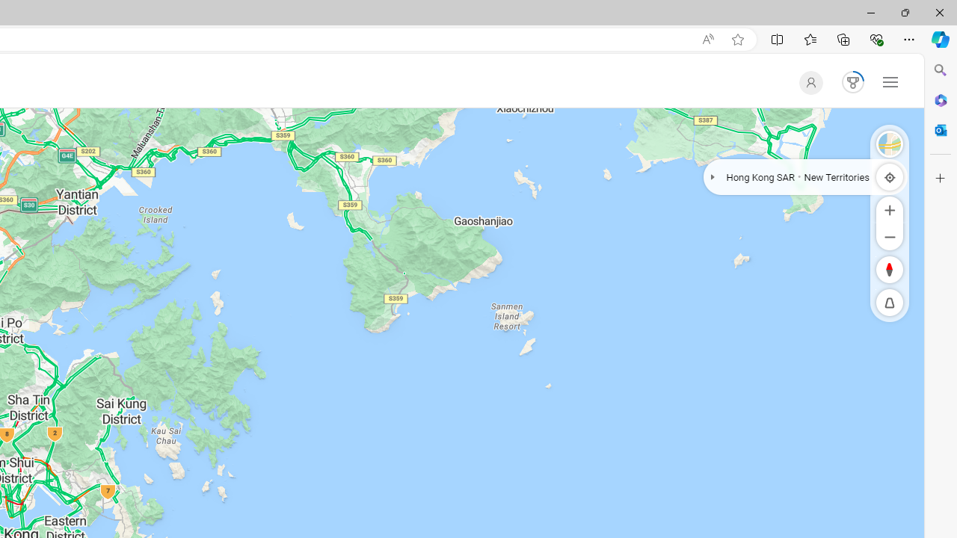 The image size is (957, 538). Describe the element at coordinates (853, 82) in the screenshot. I see `'AutomationID: rh_meter'` at that location.